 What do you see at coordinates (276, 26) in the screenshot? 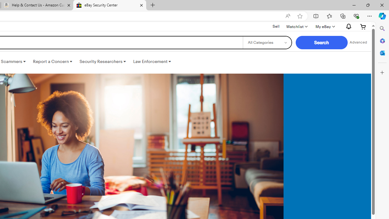
I see `'Sell'` at bounding box center [276, 26].